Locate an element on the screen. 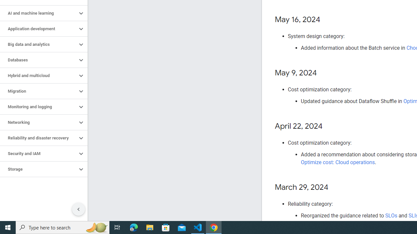 This screenshot has height=234, width=417. 'Migration' is located at coordinates (38, 91).